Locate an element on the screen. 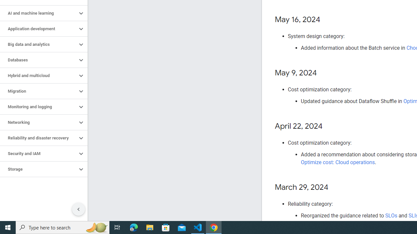 This screenshot has height=234, width=417. 'Migration' is located at coordinates (38, 91).